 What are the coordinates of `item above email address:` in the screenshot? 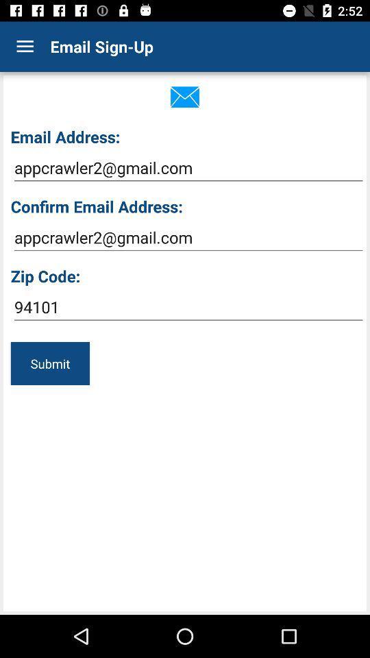 It's located at (25, 47).